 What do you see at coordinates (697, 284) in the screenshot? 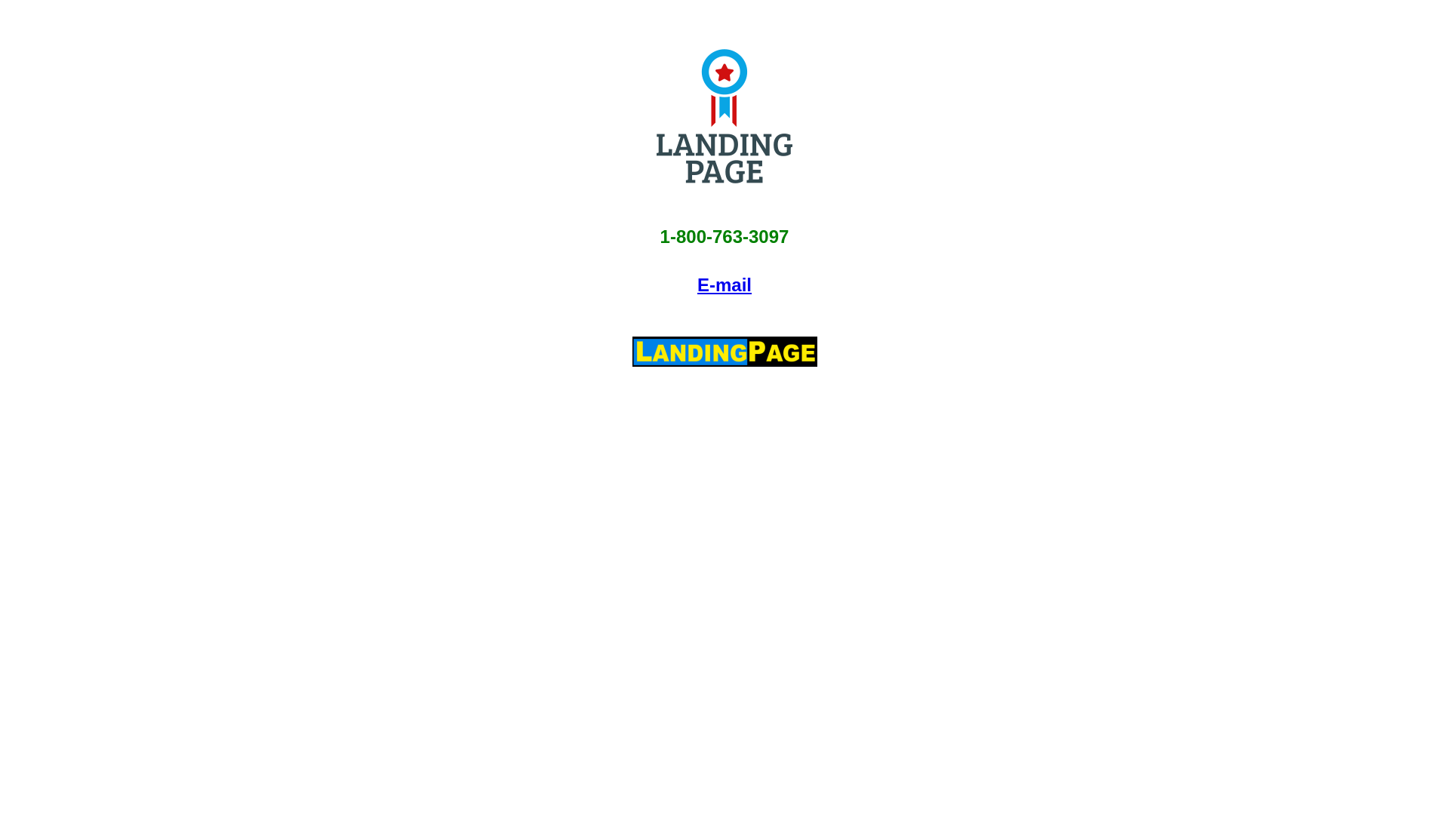
I see `'E-mail'` at bounding box center [697, 284].